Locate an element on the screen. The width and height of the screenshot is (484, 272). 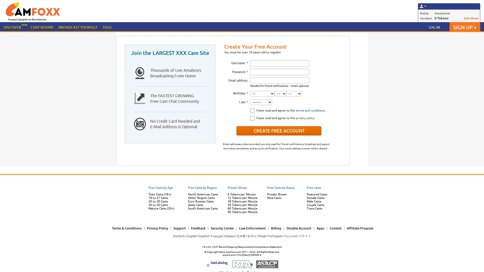
Create Free Account is located at coordinates (279, 130).